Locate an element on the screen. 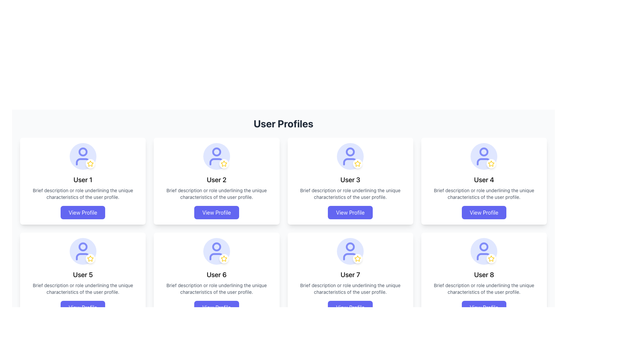  the Text Label that provides a summary for the user profile located below the title 'User 5' and above the 'View Profile' button is located at coordinates (82, 288).